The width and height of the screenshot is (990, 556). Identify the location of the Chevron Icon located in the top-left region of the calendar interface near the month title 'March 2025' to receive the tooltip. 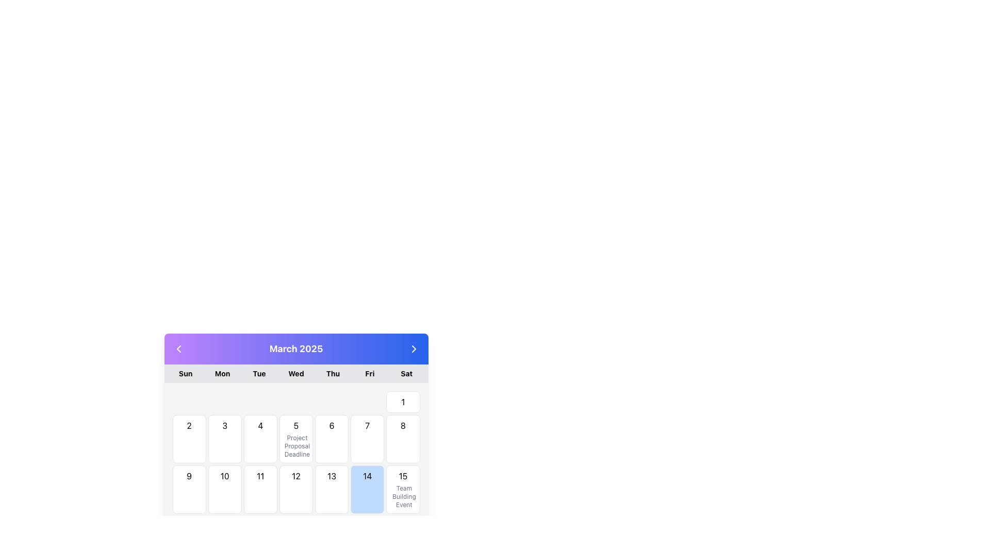
(178, 349).